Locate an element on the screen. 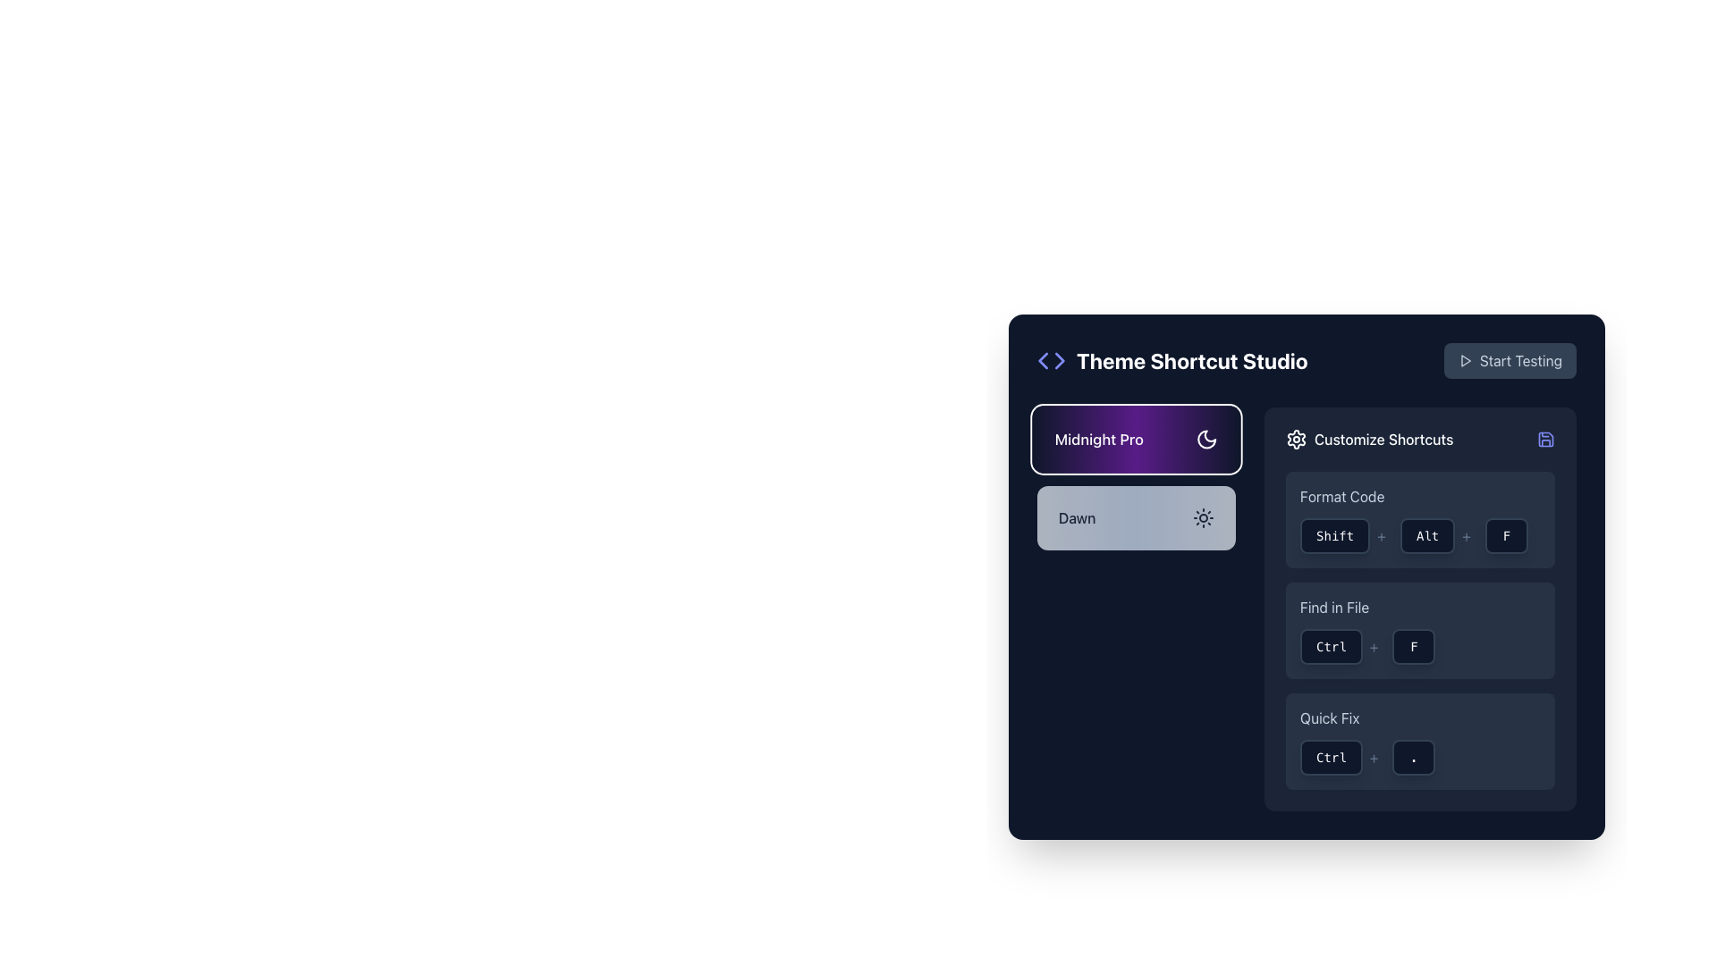 This screenshot has height=965, width=1717. the 'Ctrl' key representation in the 'Find in File' shortcut sequence, located in the 'Customize Shortcuts' section is located at coordinates (1342, 647).